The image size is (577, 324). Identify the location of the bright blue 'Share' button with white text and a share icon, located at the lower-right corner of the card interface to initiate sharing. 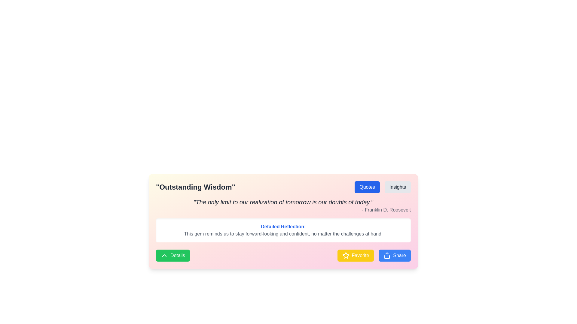
(395, 256).